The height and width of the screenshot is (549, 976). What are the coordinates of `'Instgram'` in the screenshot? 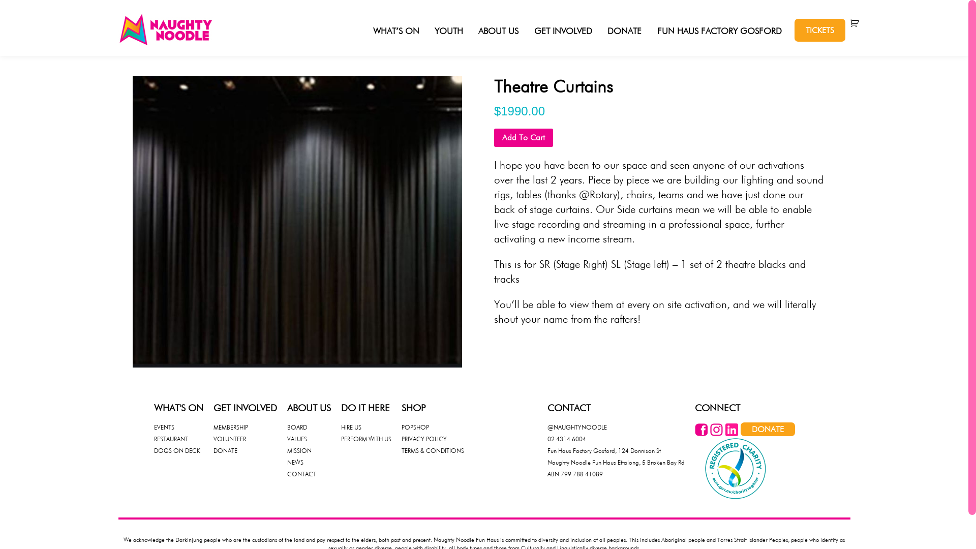 It's located at (715, 433).